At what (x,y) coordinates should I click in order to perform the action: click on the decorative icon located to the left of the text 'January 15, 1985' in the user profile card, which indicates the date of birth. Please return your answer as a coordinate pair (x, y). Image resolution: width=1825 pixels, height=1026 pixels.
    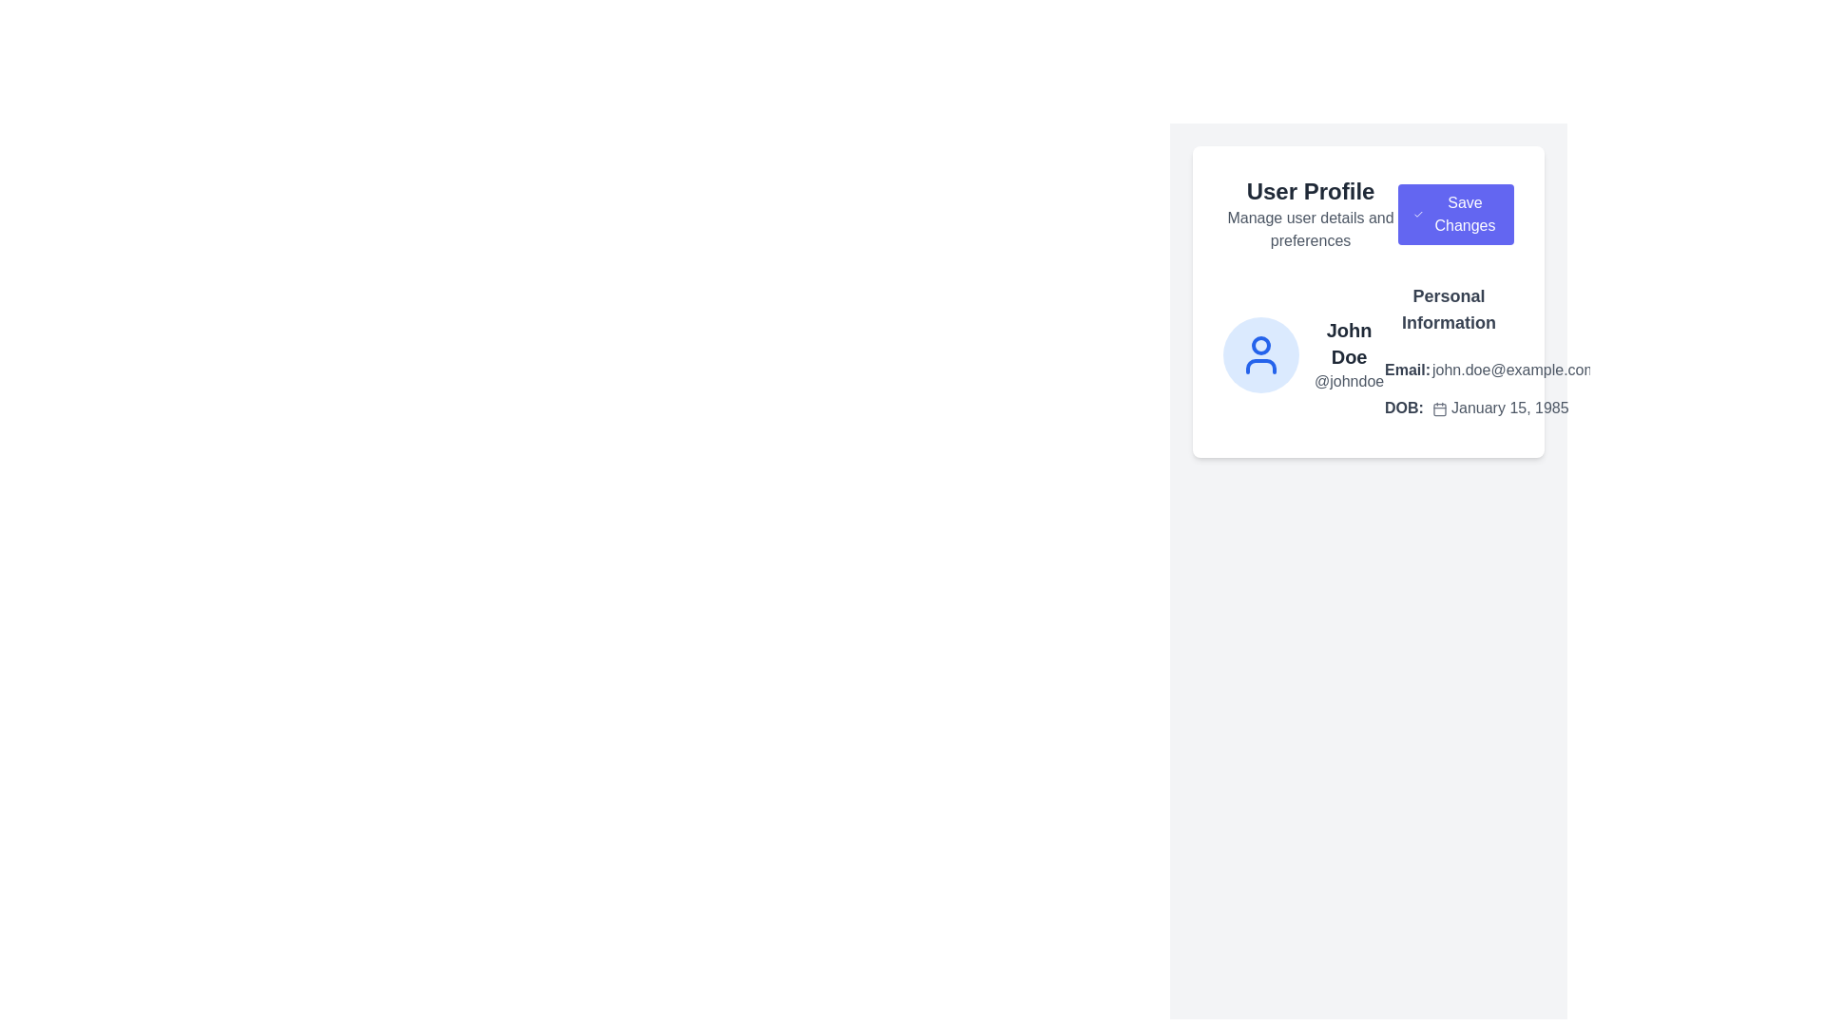
    Looking at the image, I should click on (1440, 408).